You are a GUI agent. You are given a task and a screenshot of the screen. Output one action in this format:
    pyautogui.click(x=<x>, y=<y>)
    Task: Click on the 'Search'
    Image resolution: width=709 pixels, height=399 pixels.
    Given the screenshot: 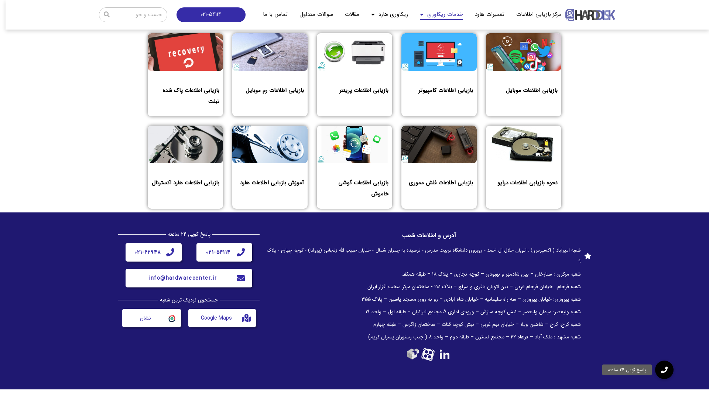 What is the action you would take?
    pyautogui.click(x=113, y=14)
    